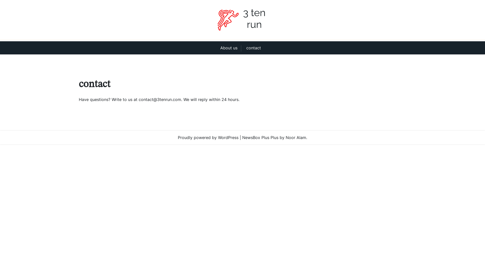  Describe the element at coordinates (243, 48) in the screenshot. I see `'contact'` at that location.